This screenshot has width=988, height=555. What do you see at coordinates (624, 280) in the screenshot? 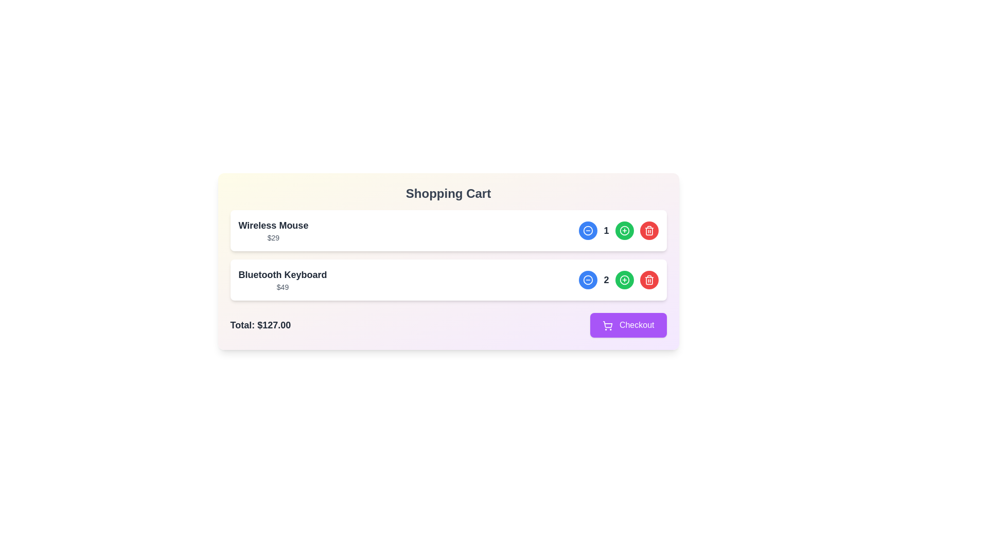
I see `the second green circular button with a 'plus' icon to increase the quantity of the 'Bluetooth Keyboard' in the shopping cart` at bounding box center [624, 280].